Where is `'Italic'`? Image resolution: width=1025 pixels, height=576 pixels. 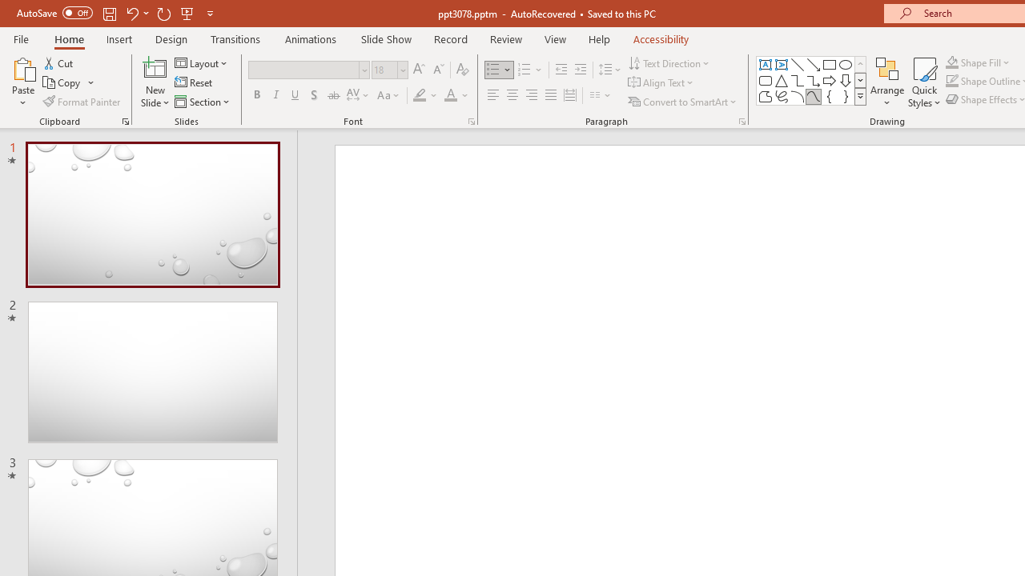 'Italic' is located at coordinates (275, 95).